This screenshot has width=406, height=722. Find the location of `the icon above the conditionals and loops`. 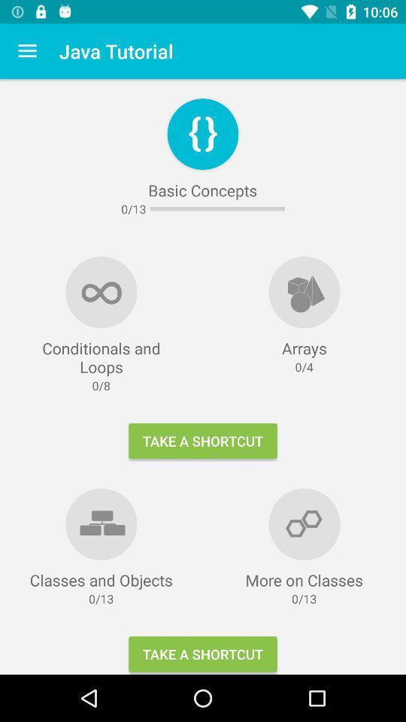

the icon above the conditionals and loops is located at coordinates (27, 51).